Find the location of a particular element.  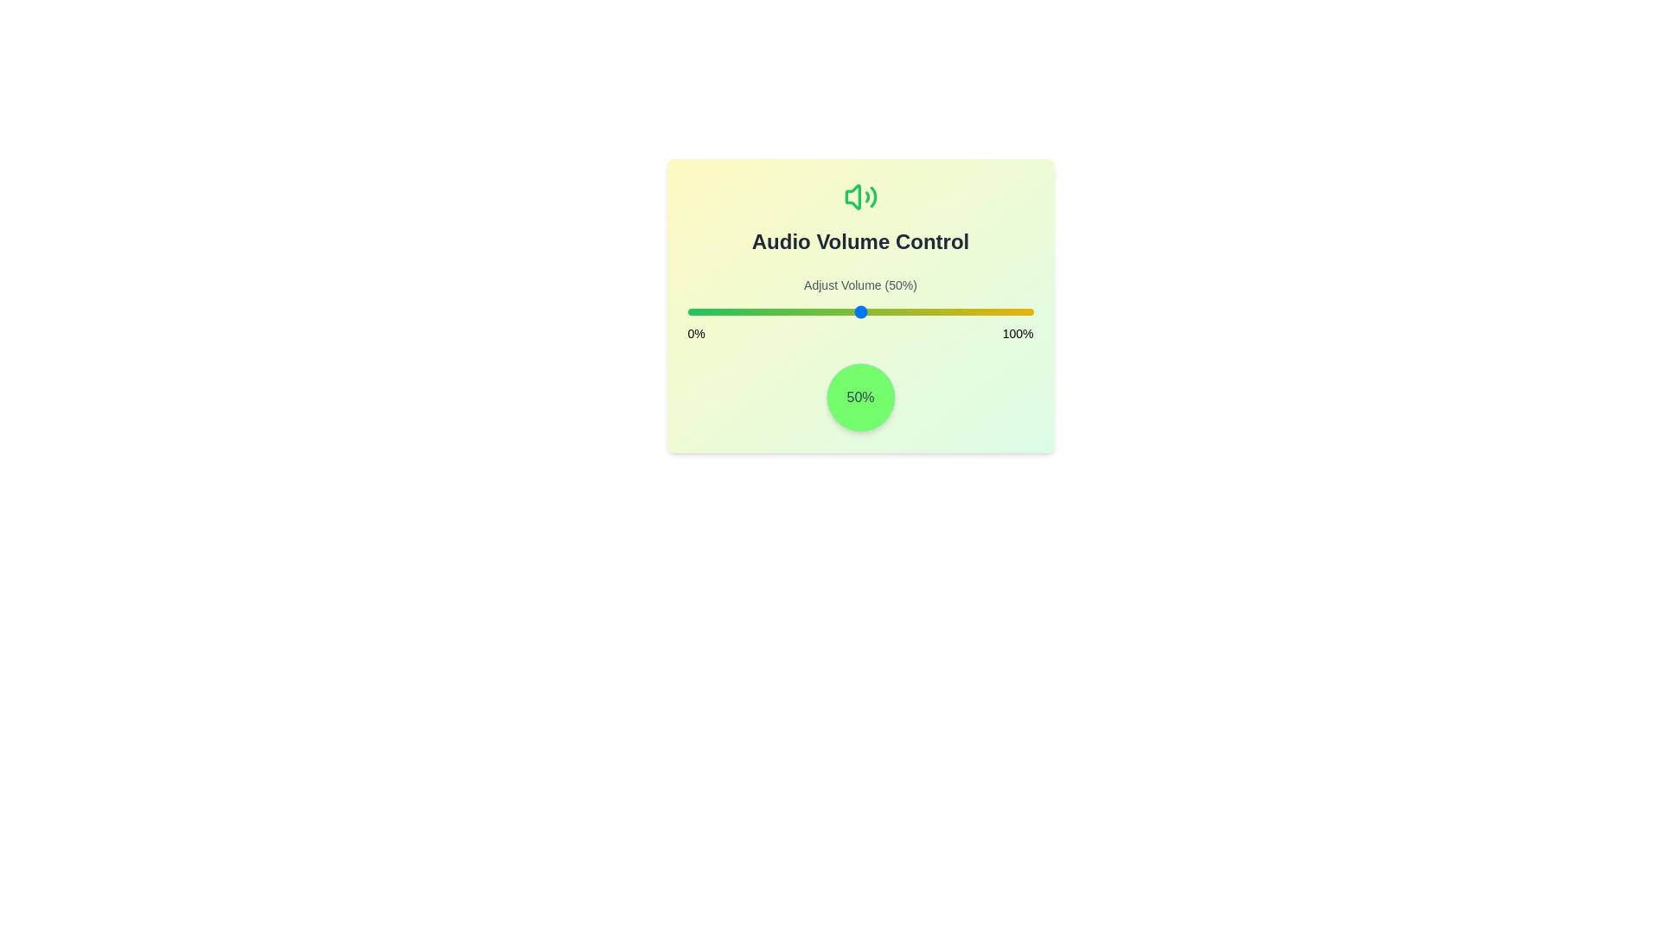

the volume to 76% by dragging the slider is located at coordinates (949, 312).